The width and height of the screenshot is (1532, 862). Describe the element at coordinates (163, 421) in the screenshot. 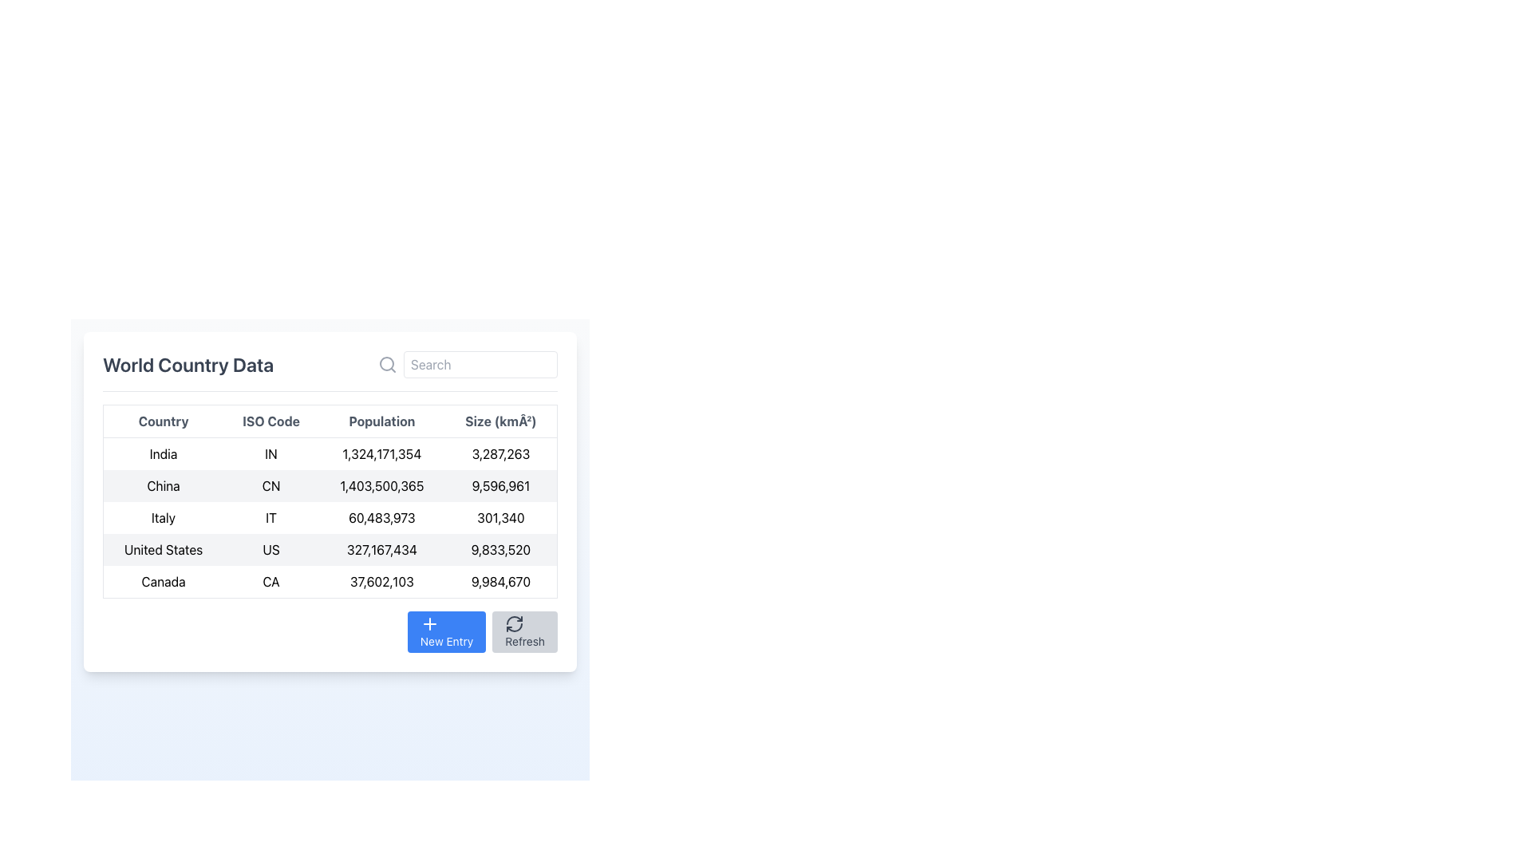

I see `the 'Country' text label, which is the first column header in the table of column titles, styled in bold font and left-aligned with padding` at that location.